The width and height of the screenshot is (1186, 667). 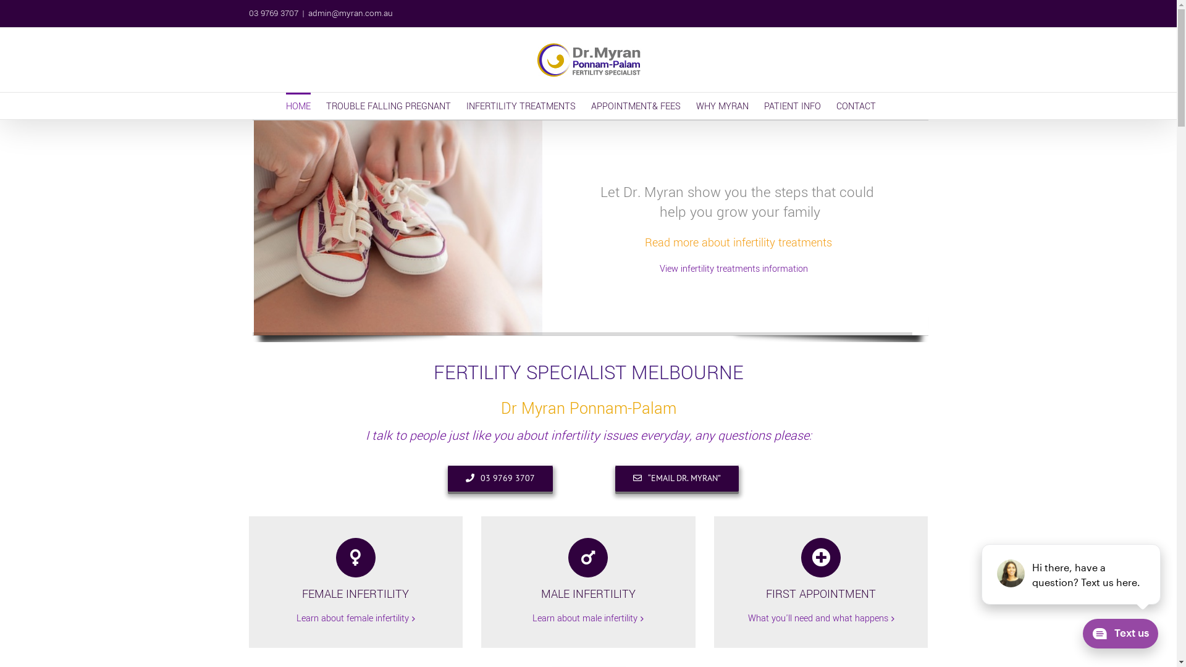 I want to click on 'admin@myran.com.au', so click(x=308, y=13).